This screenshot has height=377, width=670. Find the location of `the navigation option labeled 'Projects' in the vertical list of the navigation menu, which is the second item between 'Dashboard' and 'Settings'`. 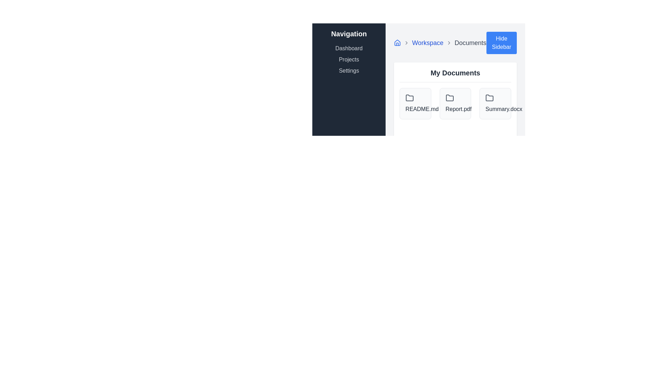

the navigation option labeled 'Projects' in the vertical list of the navigation menu, which is the second item between 'Dashboard' and 'Settings' is located at coordinates (349, 59).